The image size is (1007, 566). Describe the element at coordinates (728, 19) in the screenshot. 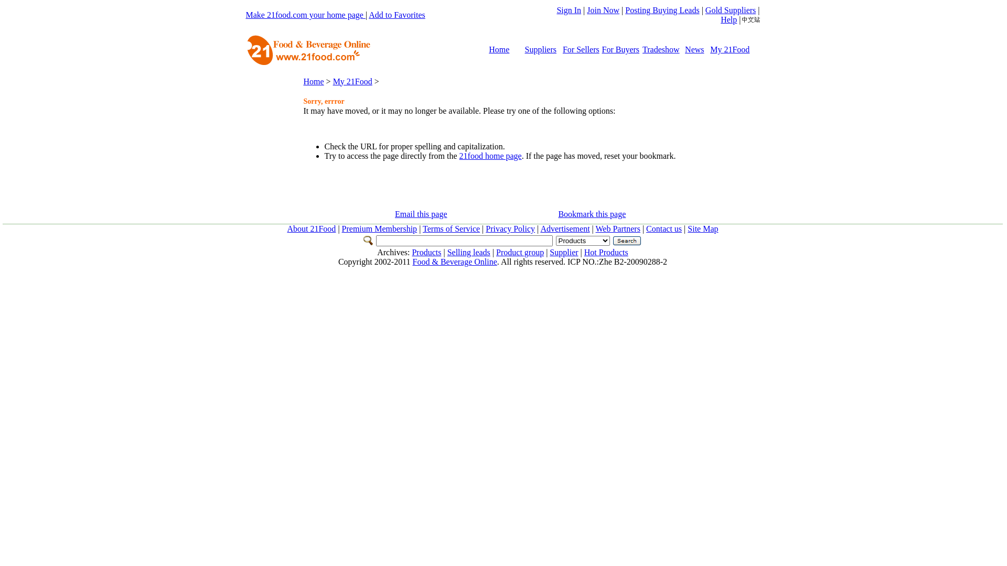

I see `'Help'` at that location.